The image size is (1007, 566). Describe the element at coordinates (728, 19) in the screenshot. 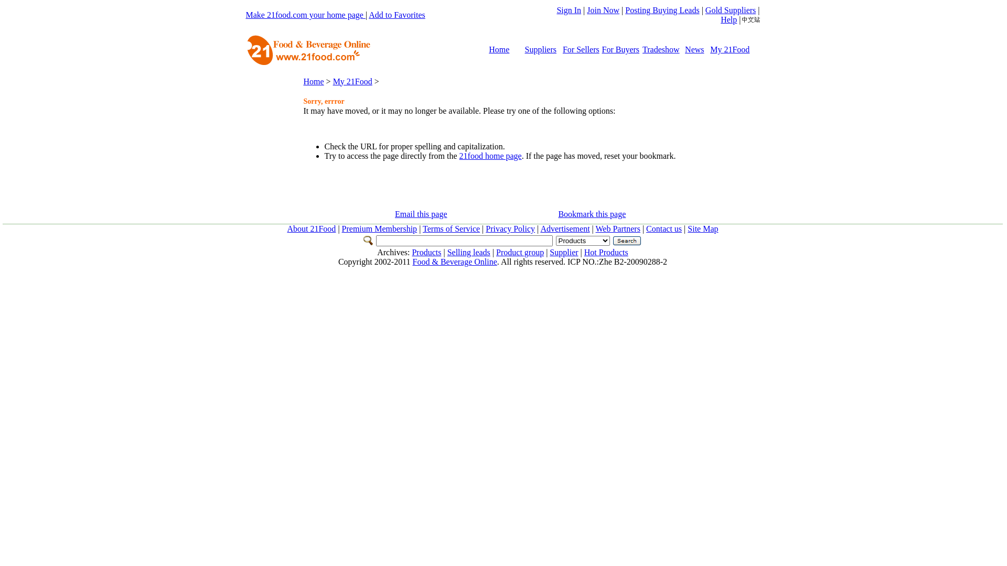

I see `'Help'` at that location.